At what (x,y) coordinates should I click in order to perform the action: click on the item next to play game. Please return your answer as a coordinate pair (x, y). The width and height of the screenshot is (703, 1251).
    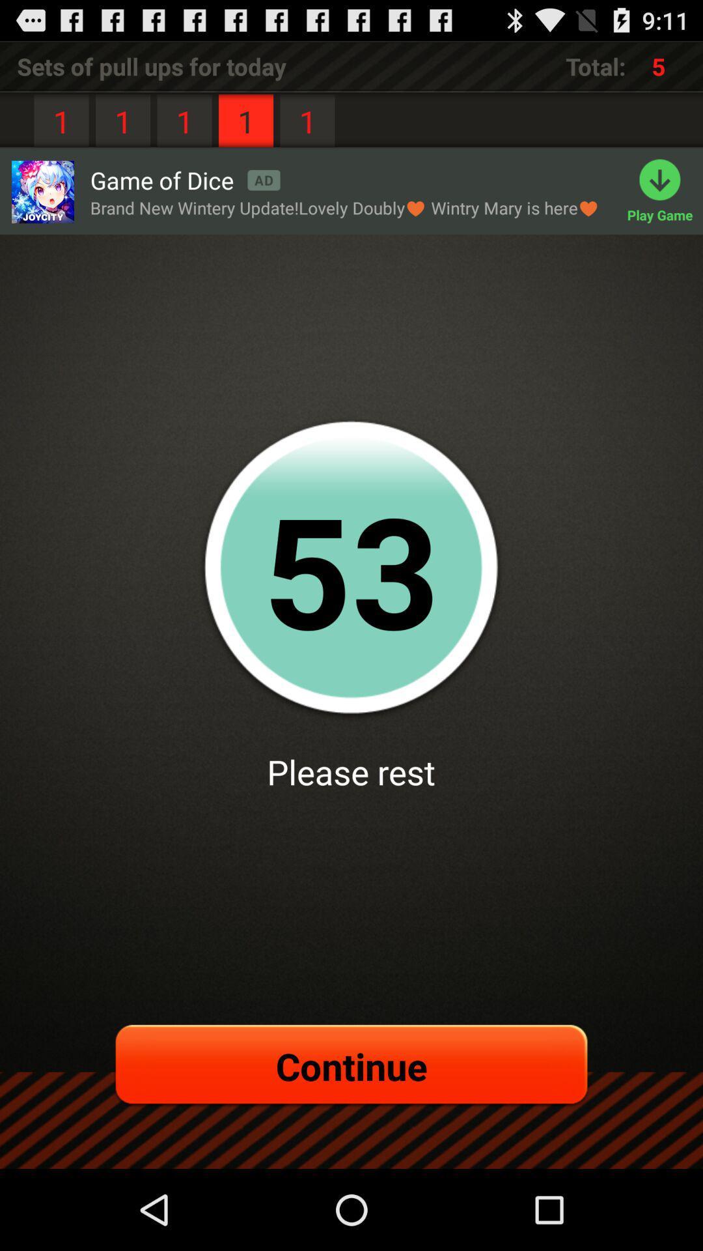
    Looking at the image, I should click on (344, 207).